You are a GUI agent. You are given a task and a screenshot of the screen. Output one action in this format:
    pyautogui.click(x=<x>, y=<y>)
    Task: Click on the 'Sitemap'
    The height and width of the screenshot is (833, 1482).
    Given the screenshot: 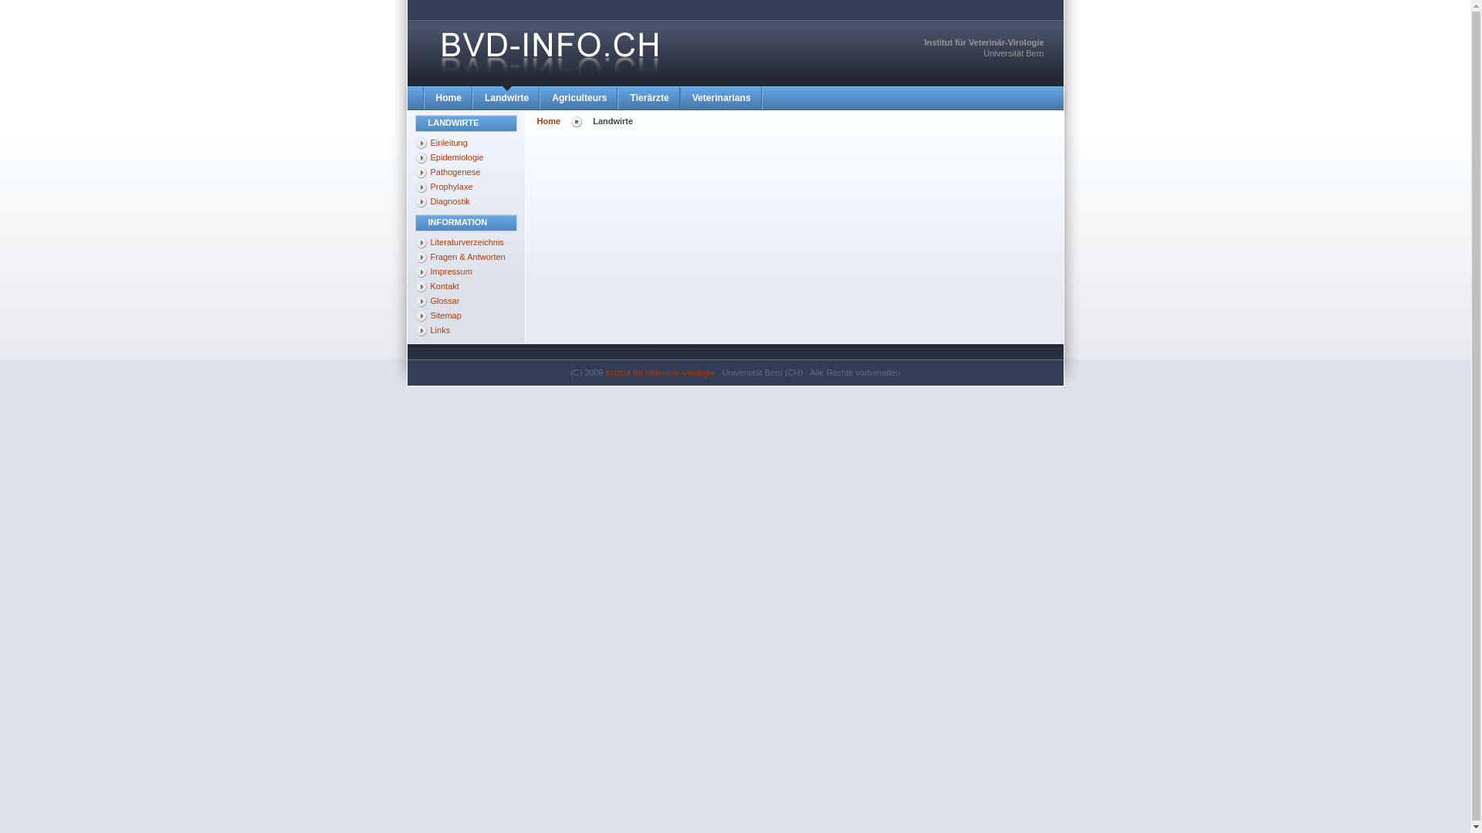 What is the action you would take?
    pyautogui.click(x=465, y=315)
    